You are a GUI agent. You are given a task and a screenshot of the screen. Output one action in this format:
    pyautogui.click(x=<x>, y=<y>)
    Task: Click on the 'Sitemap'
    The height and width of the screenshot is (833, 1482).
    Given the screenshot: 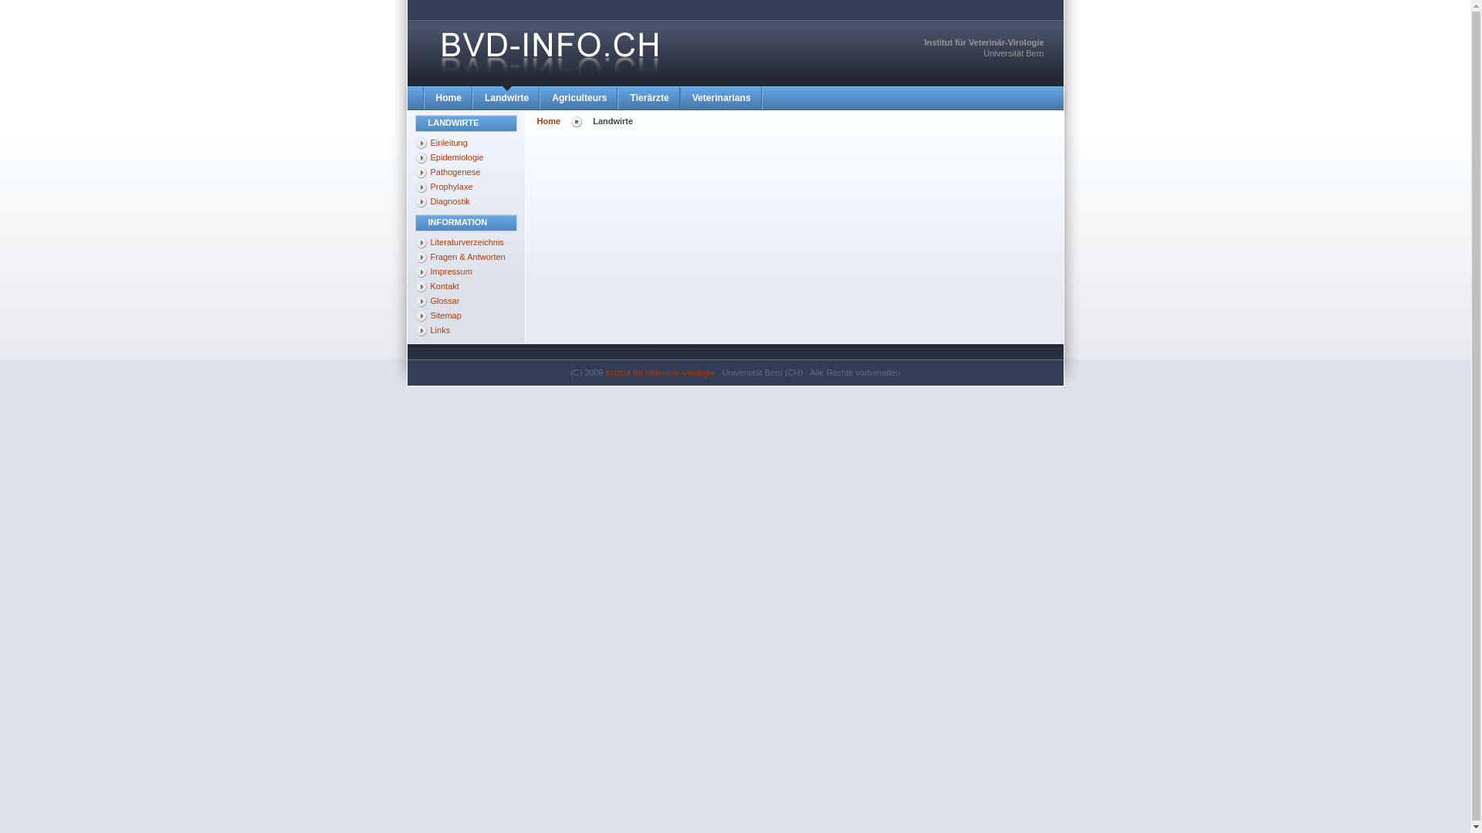 What is the action you would take?
    pyautogui.click(x=465, y=315)
    